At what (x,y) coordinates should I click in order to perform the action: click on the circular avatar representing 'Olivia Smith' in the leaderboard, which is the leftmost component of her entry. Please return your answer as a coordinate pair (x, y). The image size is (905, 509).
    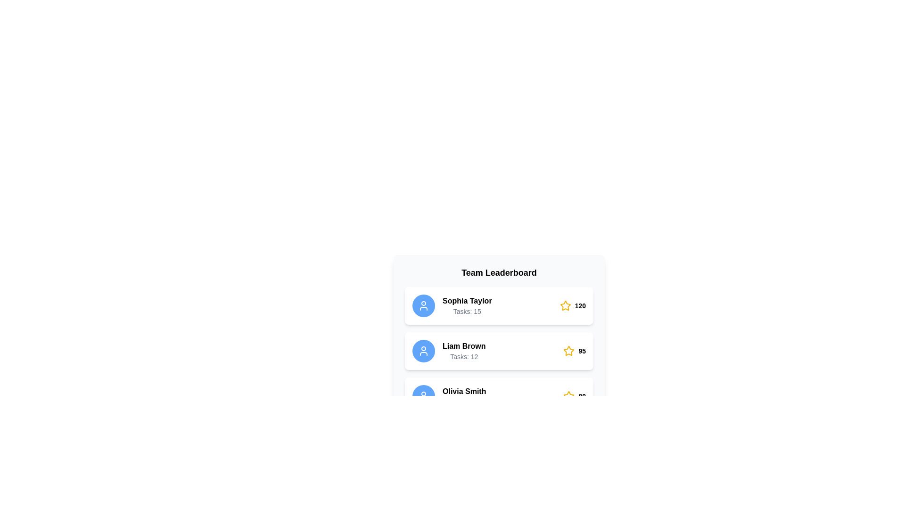
    Looking at the image, I should click on (423, 396).